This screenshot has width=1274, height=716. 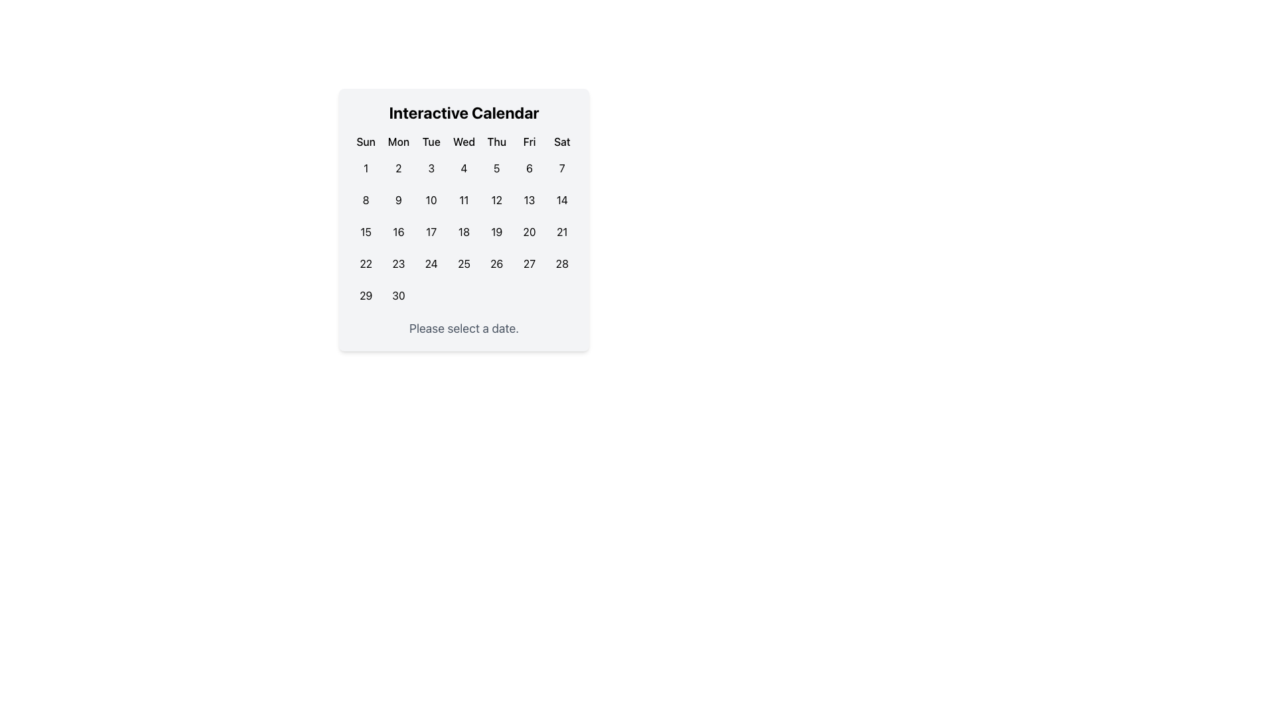 What do you see at coordinates (529, 231) in the screenshot?
I see `the square-shaped button displaying the number '20' in the center` at bounding box center [529, 231].